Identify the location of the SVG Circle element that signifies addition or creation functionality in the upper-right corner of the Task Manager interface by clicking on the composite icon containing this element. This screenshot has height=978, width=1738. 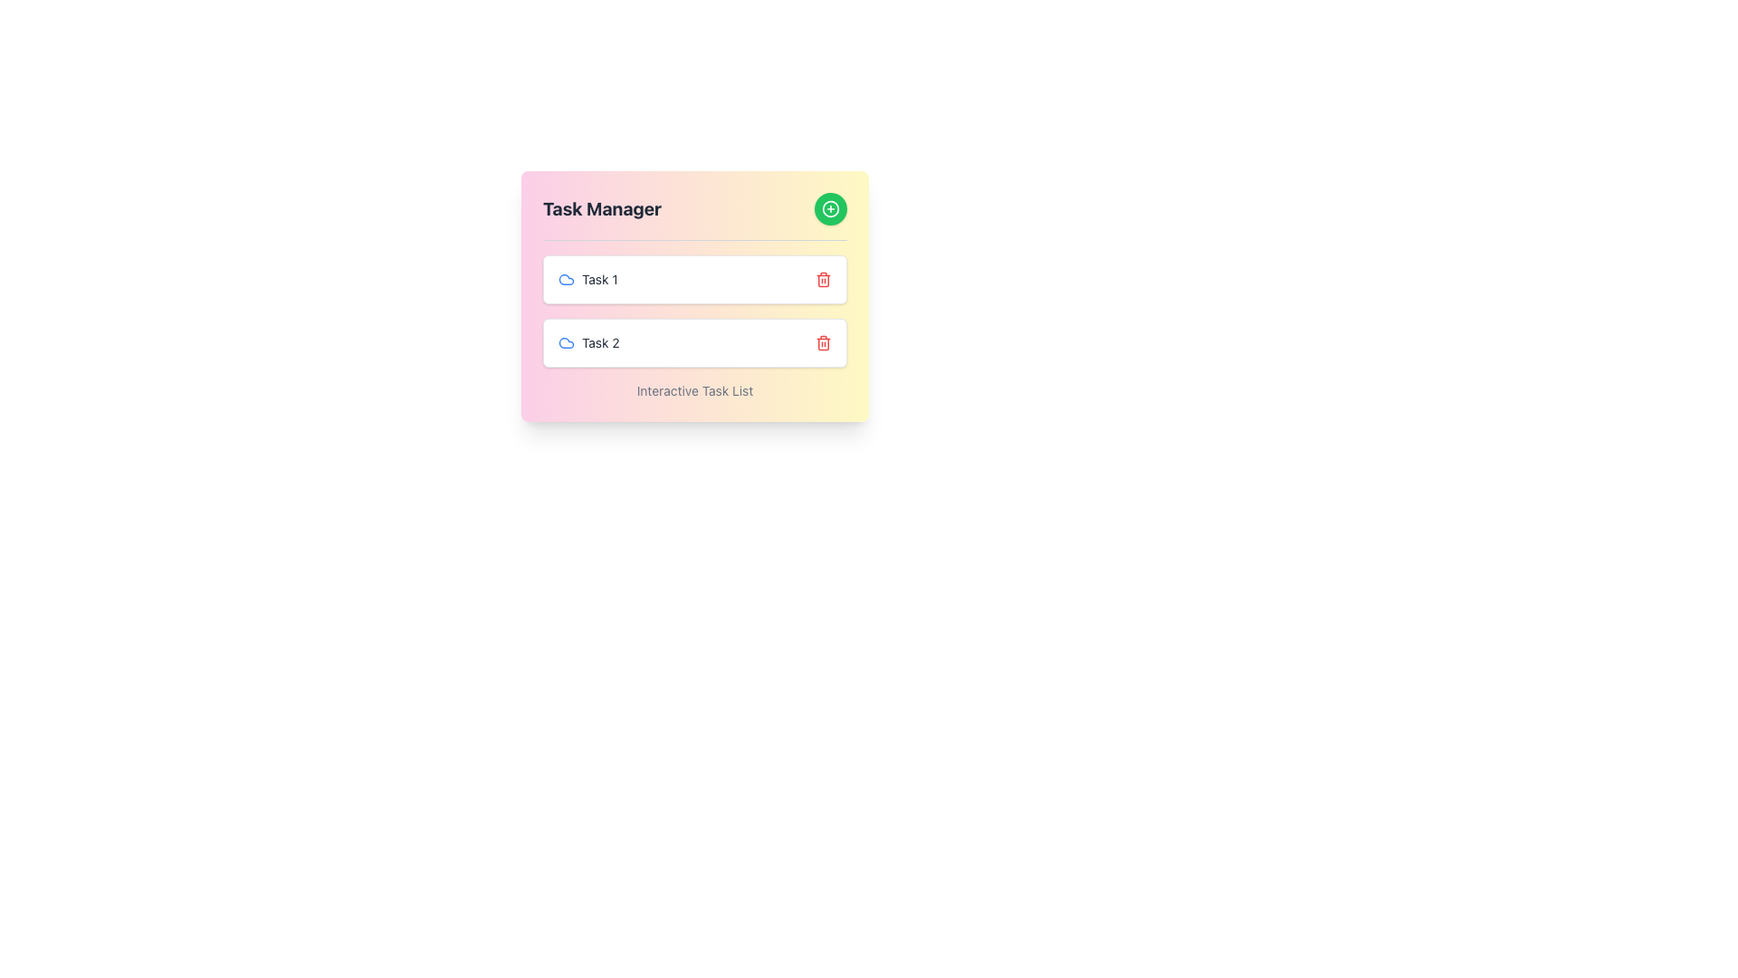
(829, 208).